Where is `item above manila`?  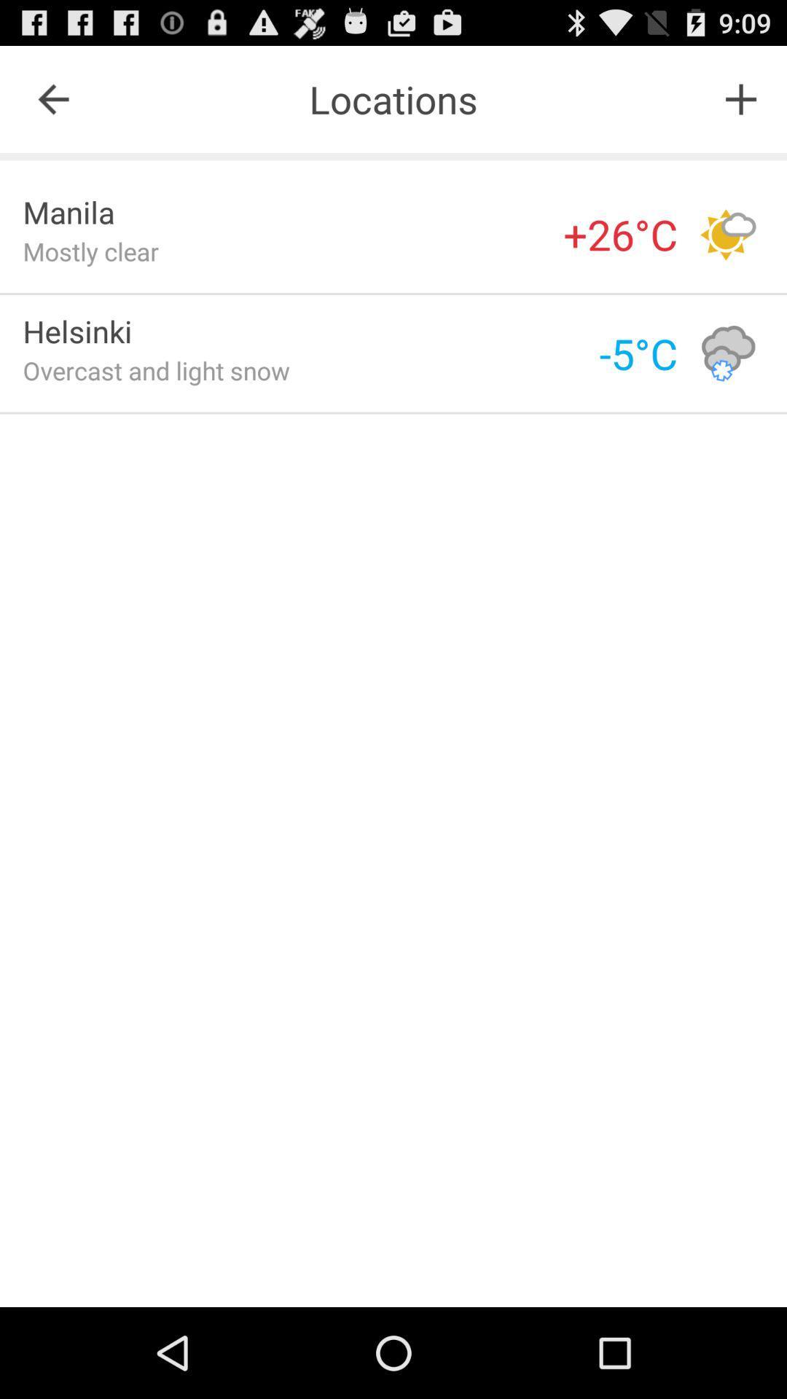
item above manila is located at coordinates (52, 98).